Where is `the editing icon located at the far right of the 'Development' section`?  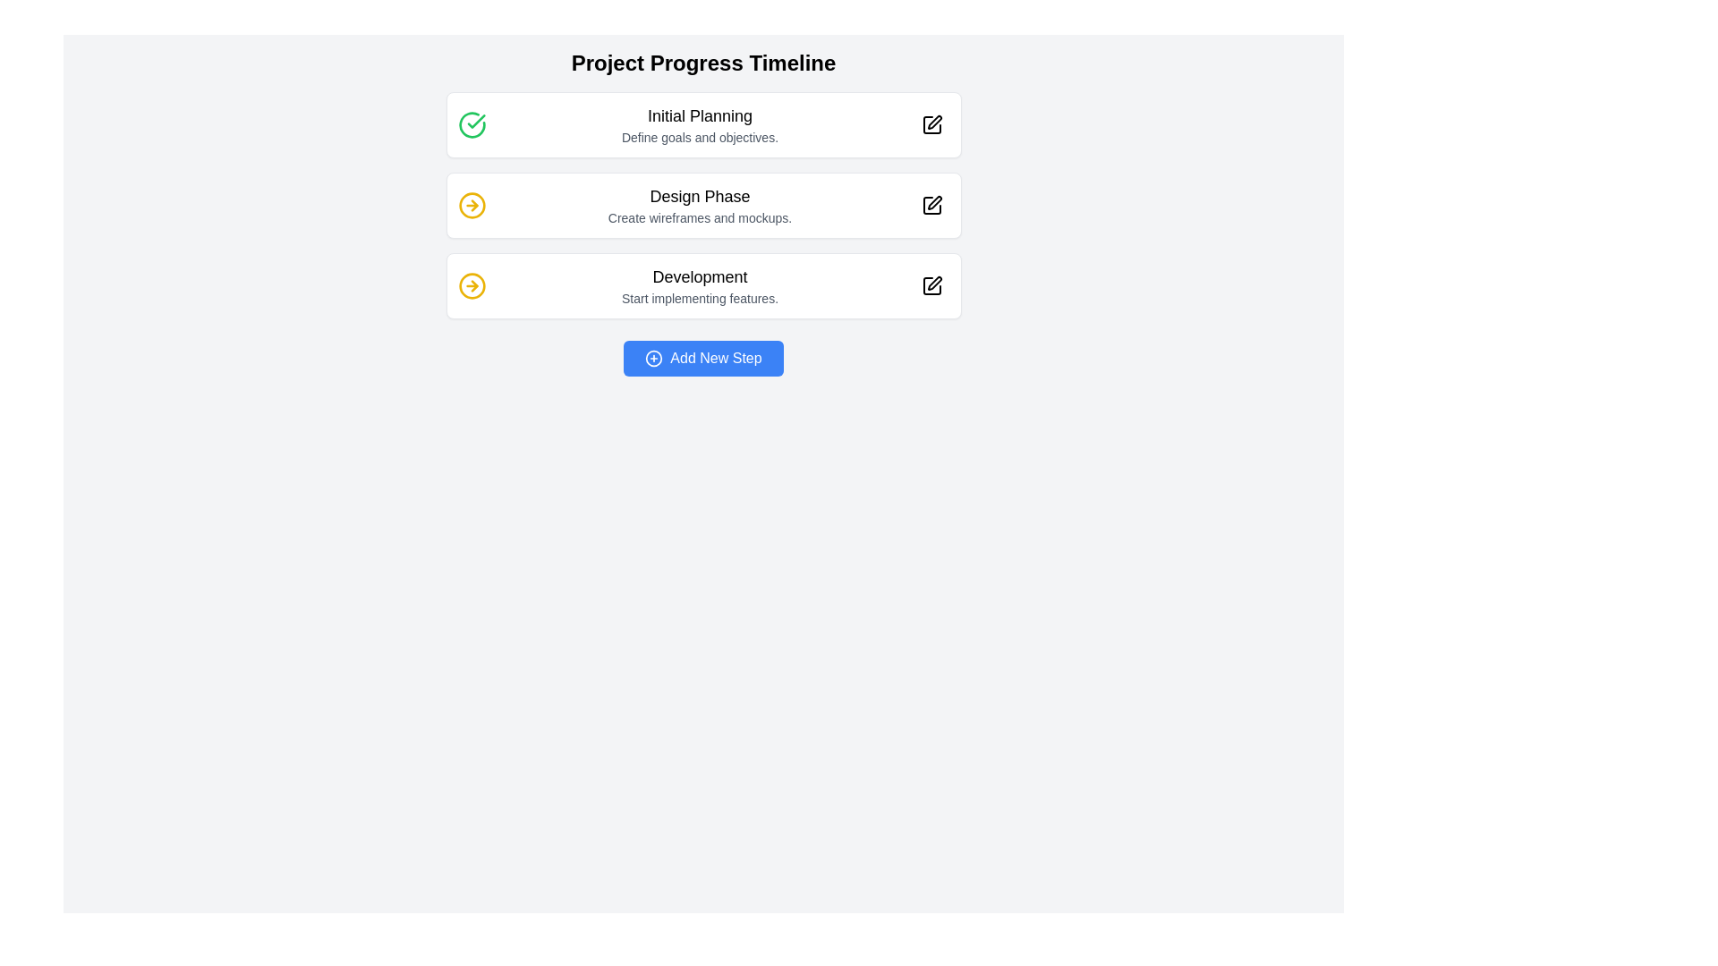
the editing icon located at the far right of the 'Development' section is located at coordinates (931, 285).